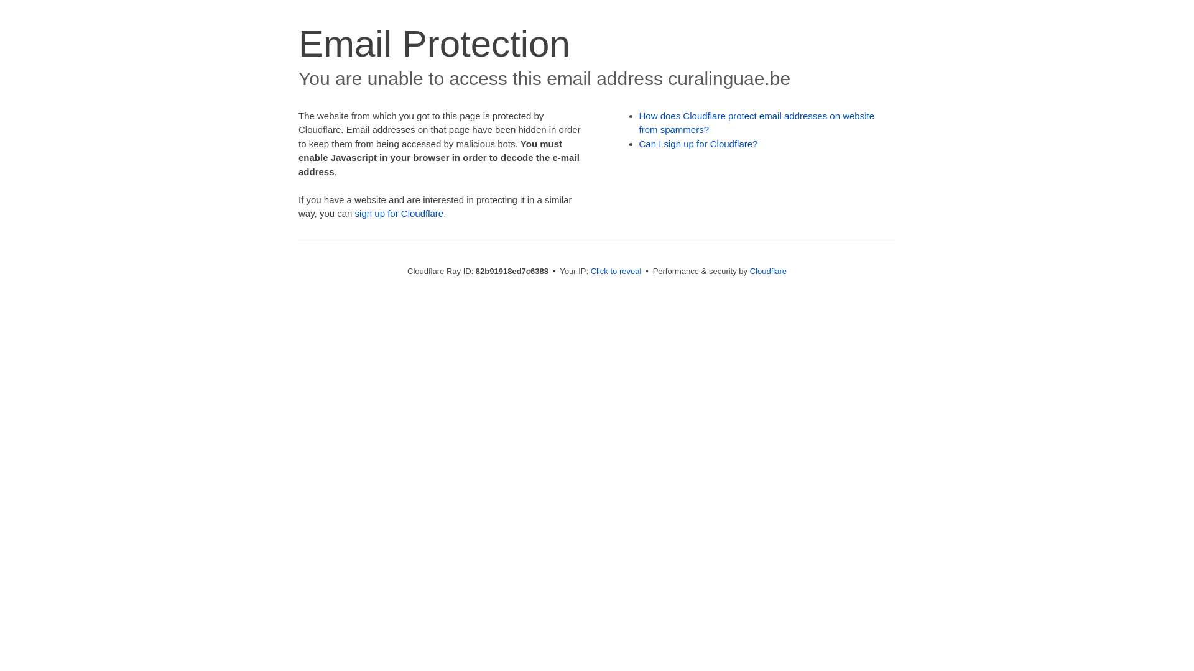 The height and width of the screenshot is (671, 1194). I want to click on 'Click to reveal', so click(616, 270).